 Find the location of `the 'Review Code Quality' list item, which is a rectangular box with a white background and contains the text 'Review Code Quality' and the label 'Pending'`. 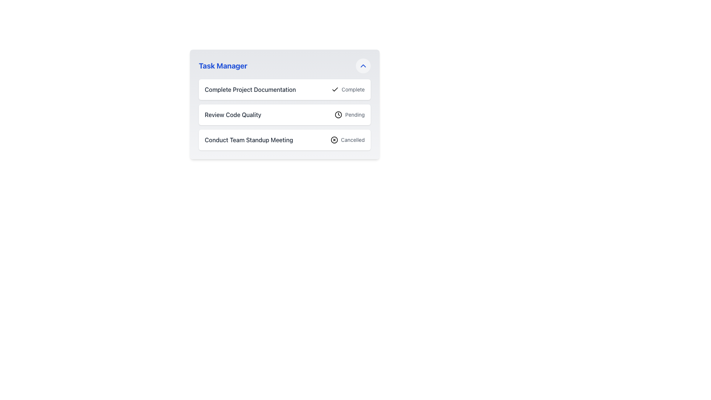

the 'Review Code Quality' list item, which is a rectangular box with a white background and contains the text 'Review Code Quality' and the label 'Pending' is located at coordinates (284, 114).